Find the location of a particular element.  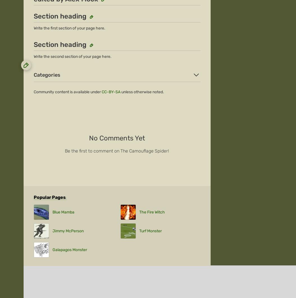

'Press' is located at coordinates (28, 87).